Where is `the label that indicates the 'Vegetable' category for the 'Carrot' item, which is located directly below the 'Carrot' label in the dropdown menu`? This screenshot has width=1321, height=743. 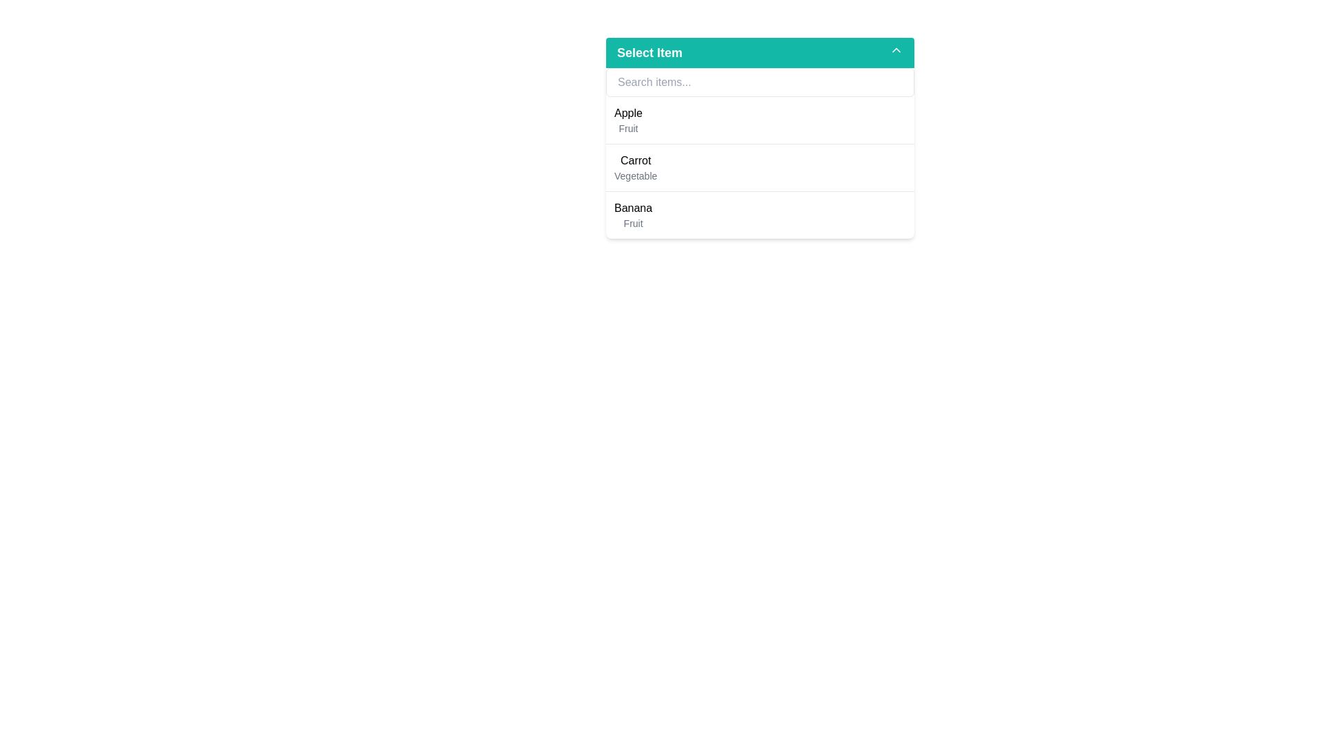
the label that indicates the 'Vegetable' category for the 'Carrot' item, which is located directly below the 'Carrot' label in the dropdown menu is located at coordinates (635, 175).